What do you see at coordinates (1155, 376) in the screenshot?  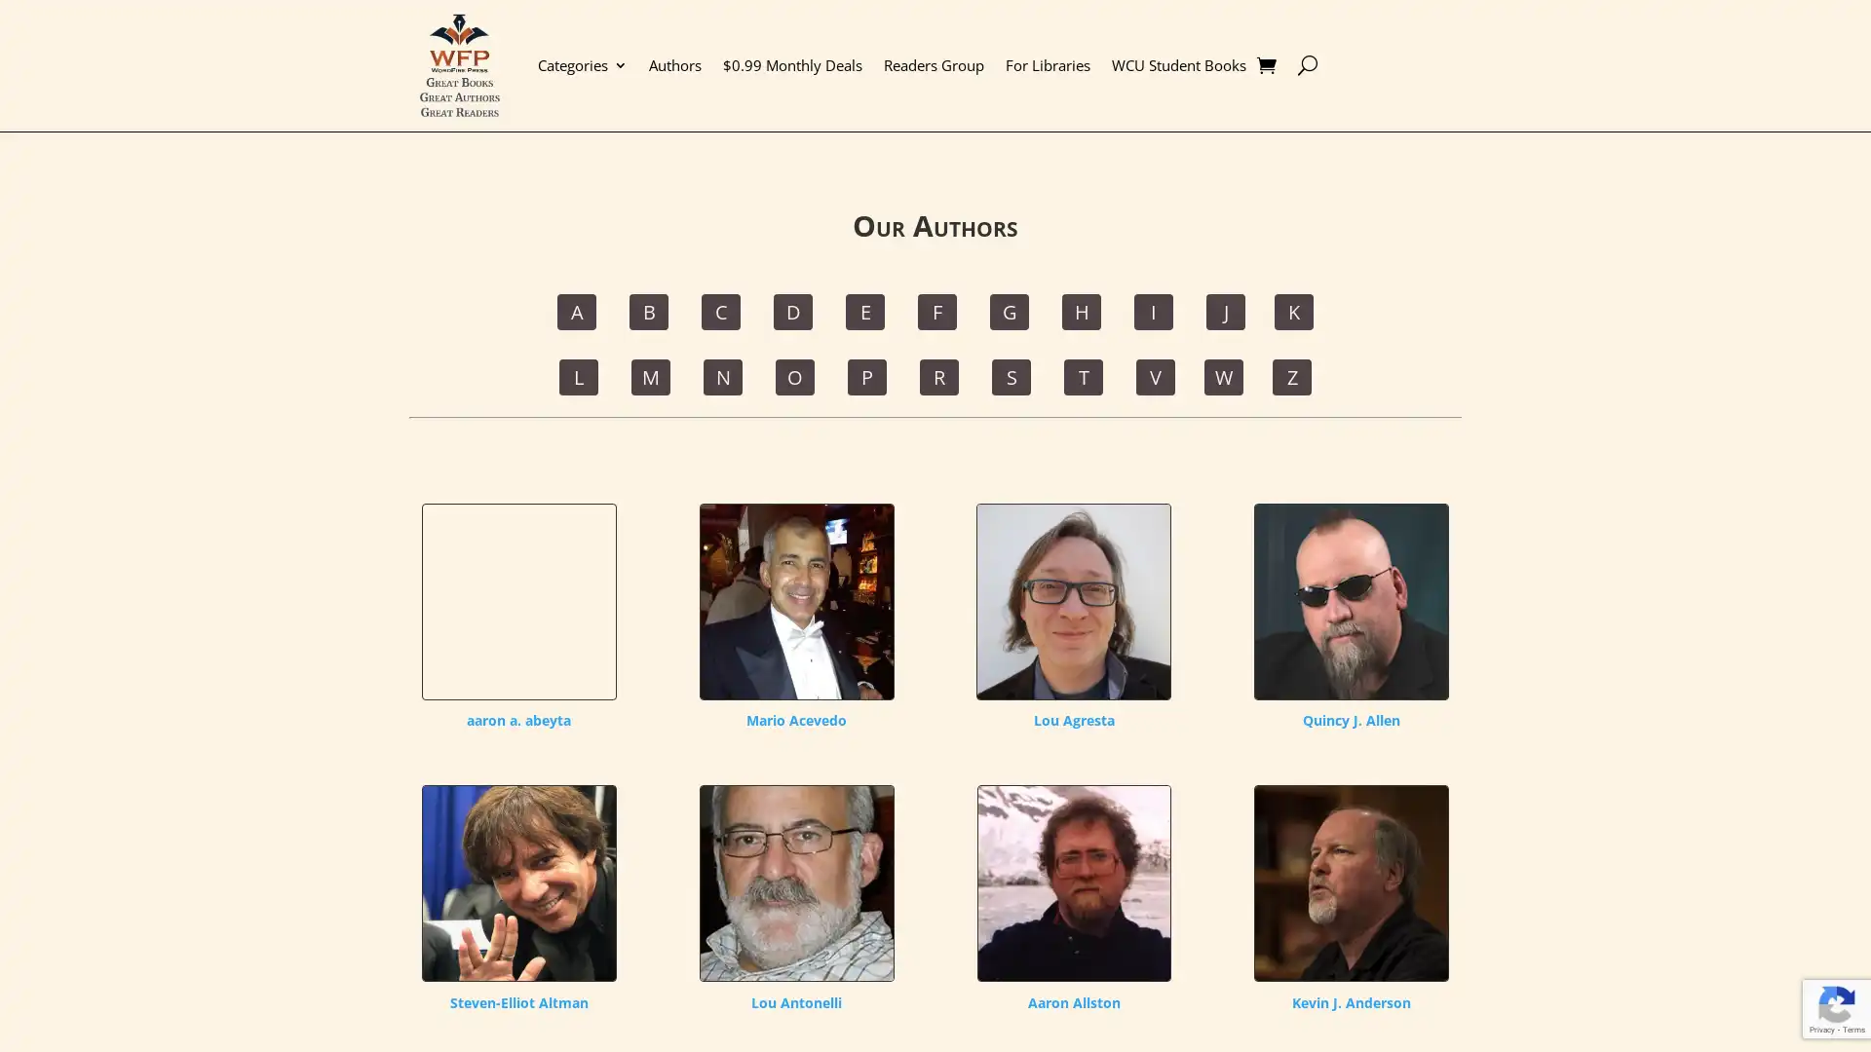 I see `V` at bounding box center [1155, 376].